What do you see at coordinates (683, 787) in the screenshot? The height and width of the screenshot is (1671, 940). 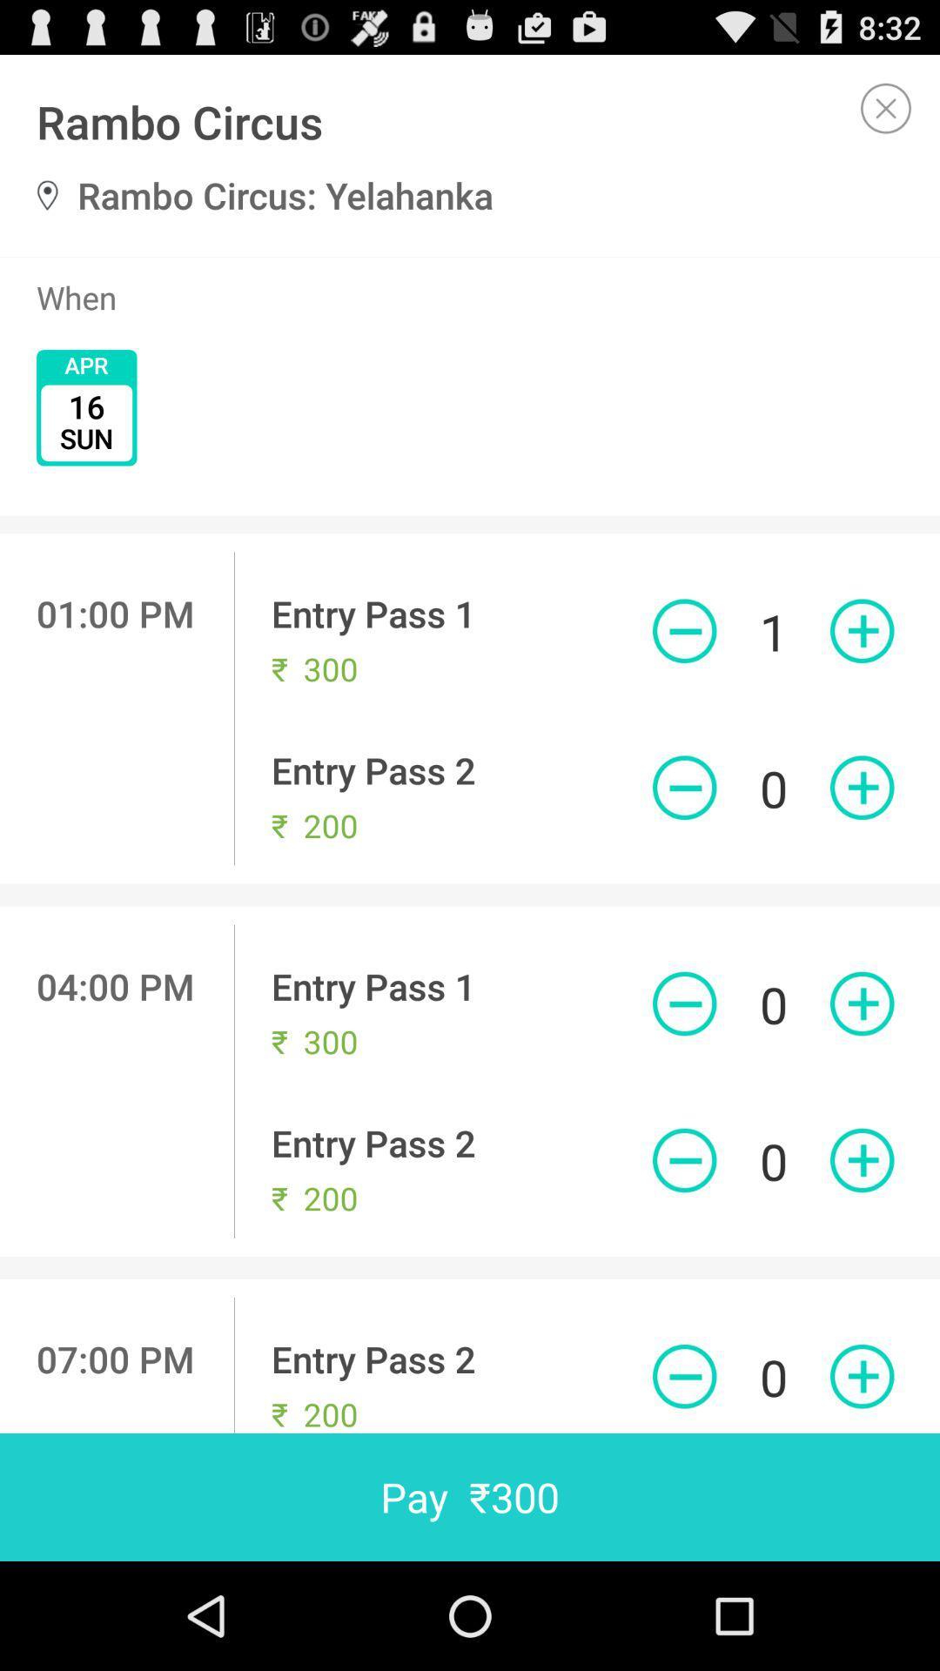 I see `decrease purchase amount` at bounding box center [683, 787].